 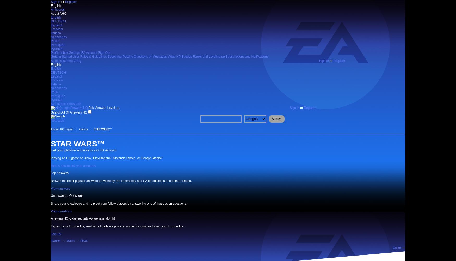 I want to click on 'Go To', so click(x=397, y=248).